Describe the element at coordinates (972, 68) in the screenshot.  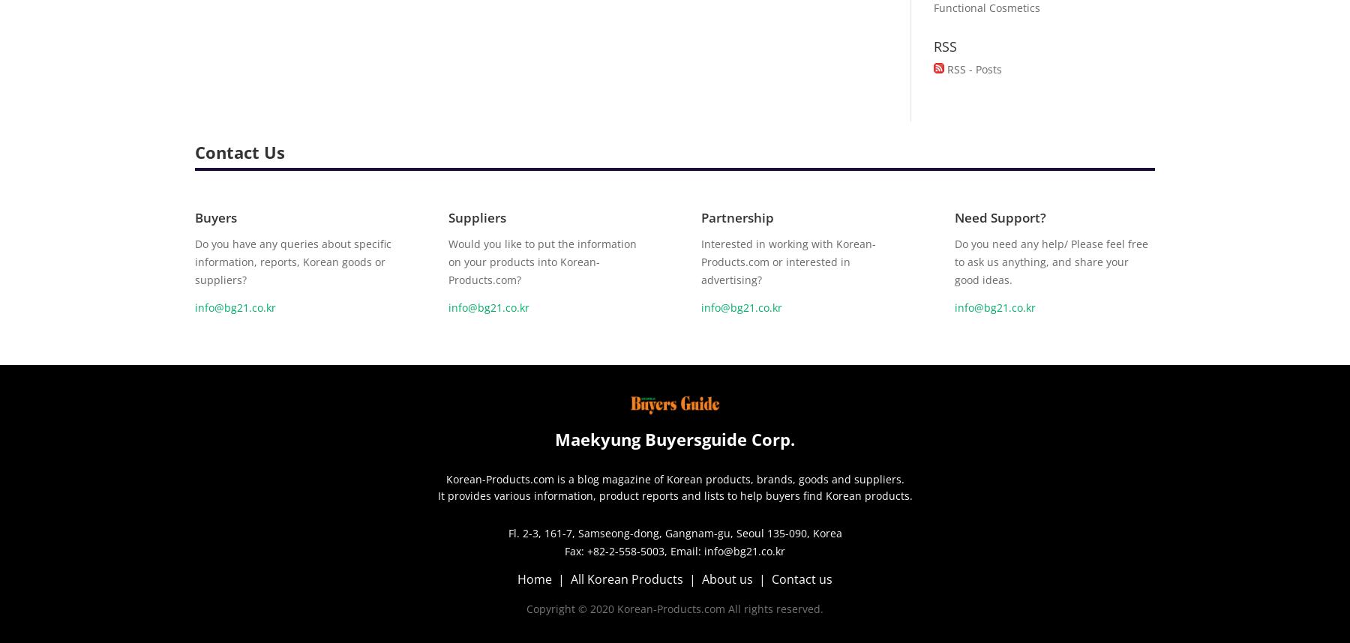
I see `'RSS - Posts'` at that location.